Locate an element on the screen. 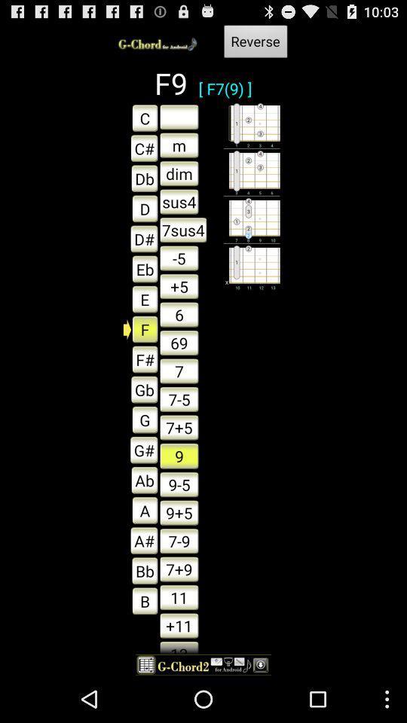  the number sixty nine is located at coordinates (179, 343).